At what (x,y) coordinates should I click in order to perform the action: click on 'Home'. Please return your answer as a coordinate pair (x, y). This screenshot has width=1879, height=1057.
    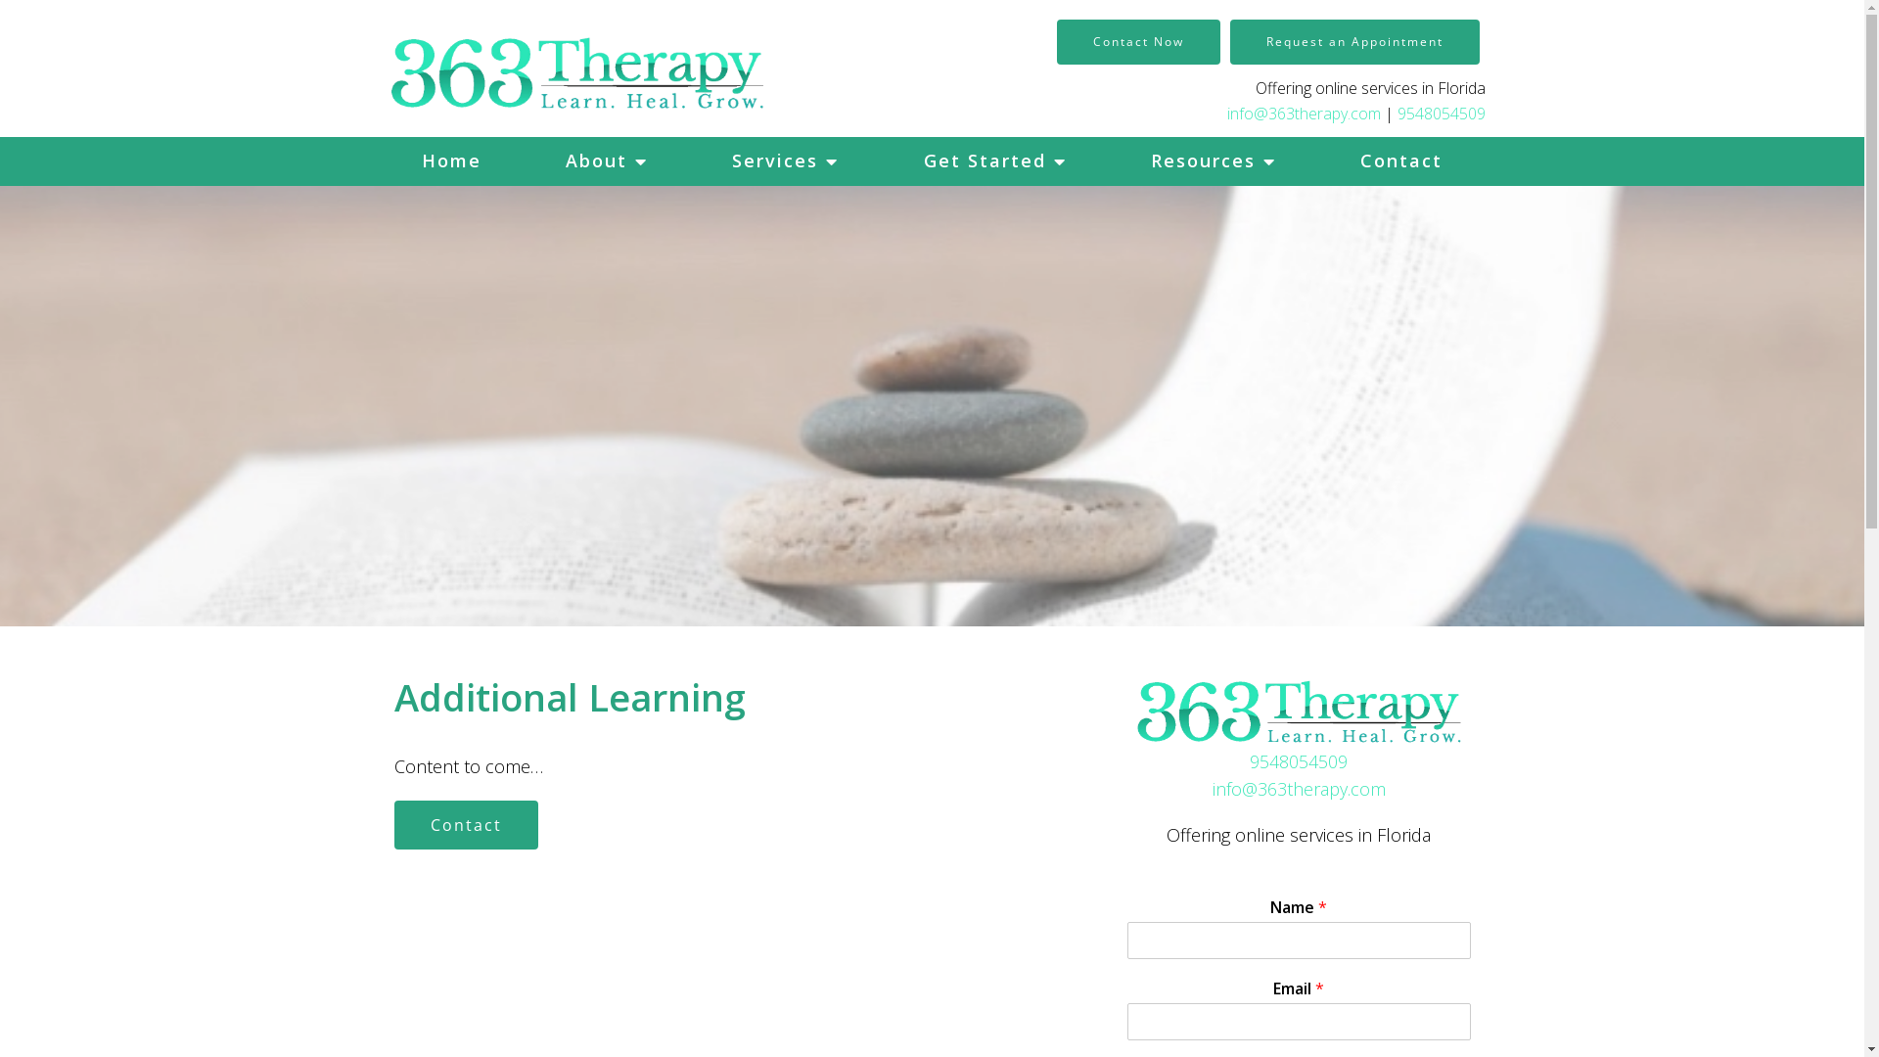
    Looking at the image, I should click on (380, 161).